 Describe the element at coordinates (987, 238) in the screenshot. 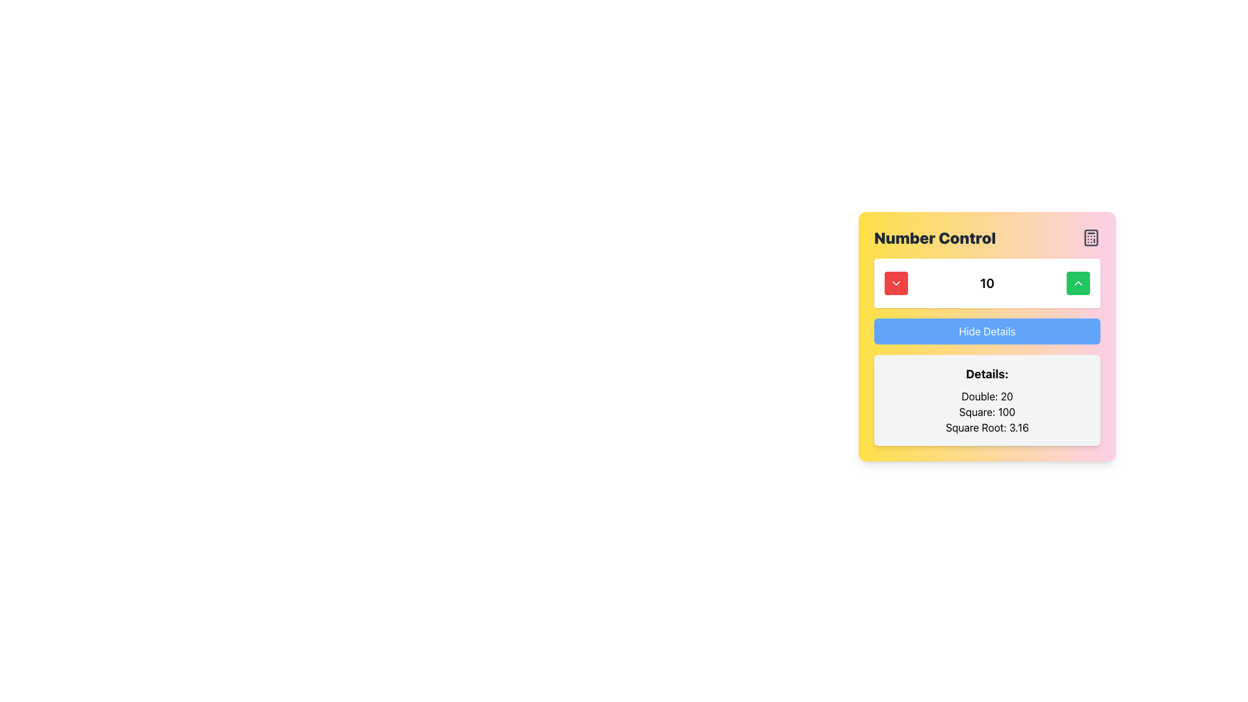

I see `the Static Text Header labeled 'Number Control' with a gradient background from yellow to pink, which contains a calculator icon on the right` at that location.